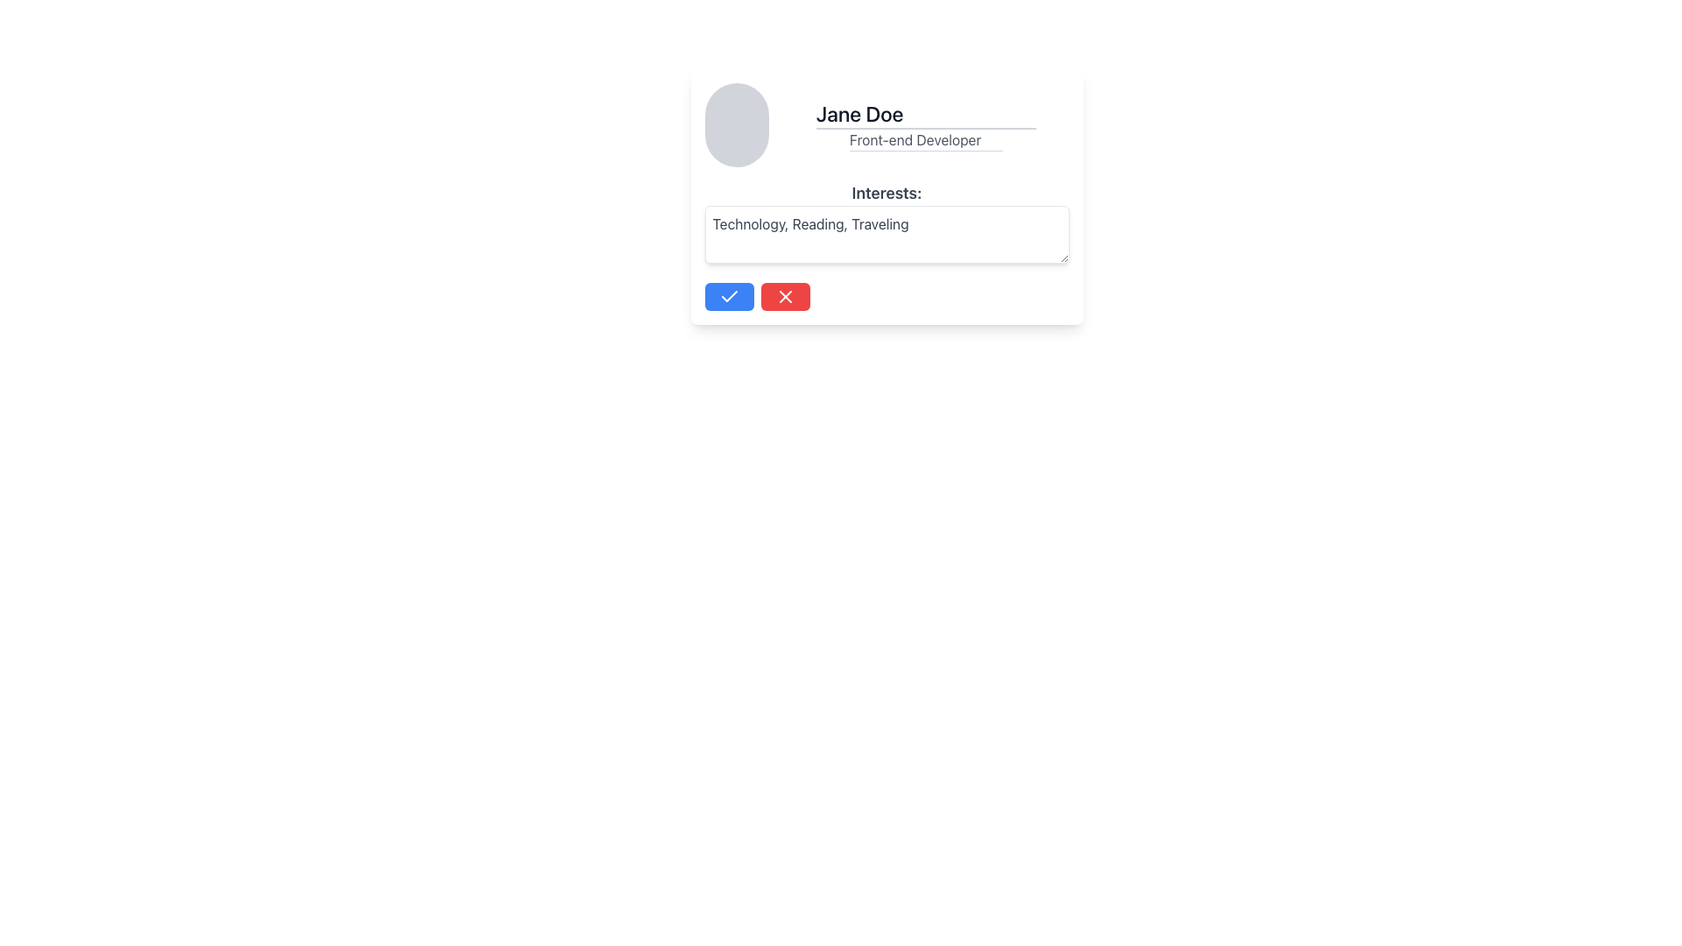 The height and width of the screenshot is (946, 1682). I want to click on the small checkmark icon within the blue button, so click(729, 295).